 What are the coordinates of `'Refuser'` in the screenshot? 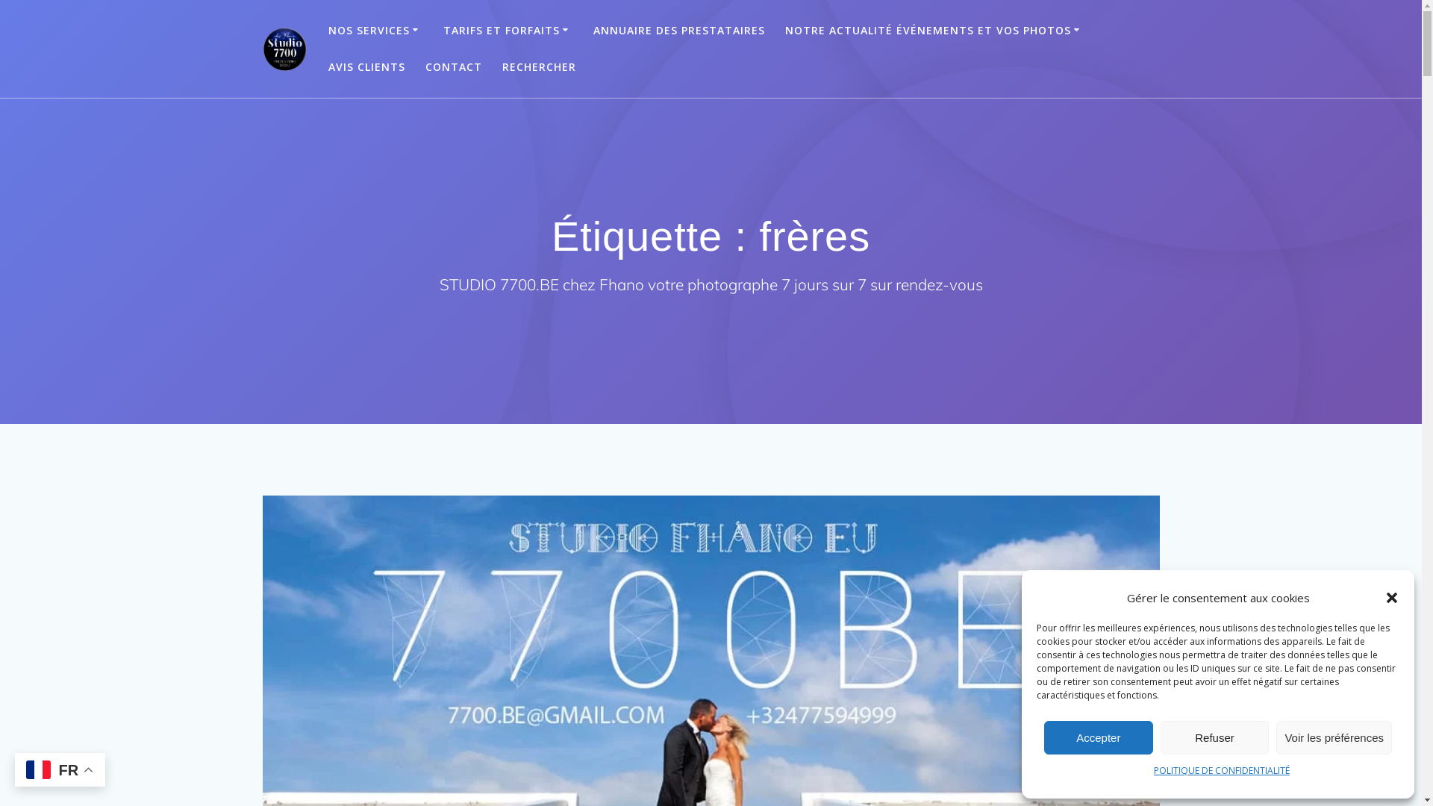 It's located at (1214, 737).